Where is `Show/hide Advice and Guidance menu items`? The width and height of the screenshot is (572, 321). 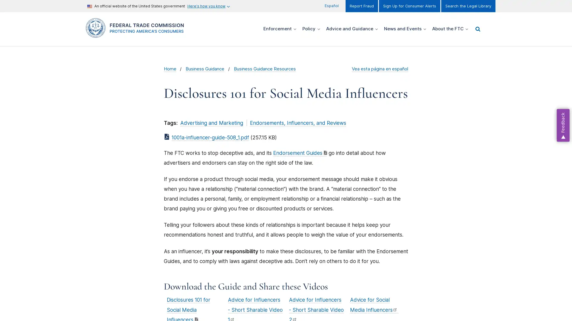
Show/hide Advice and Guidance menu items is located at coordinates (353, 29).